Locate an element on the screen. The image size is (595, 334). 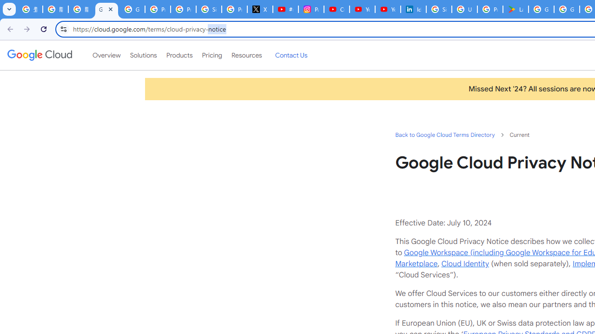
'Sign in - Google Accounts' is located at coordinates (208, 9).